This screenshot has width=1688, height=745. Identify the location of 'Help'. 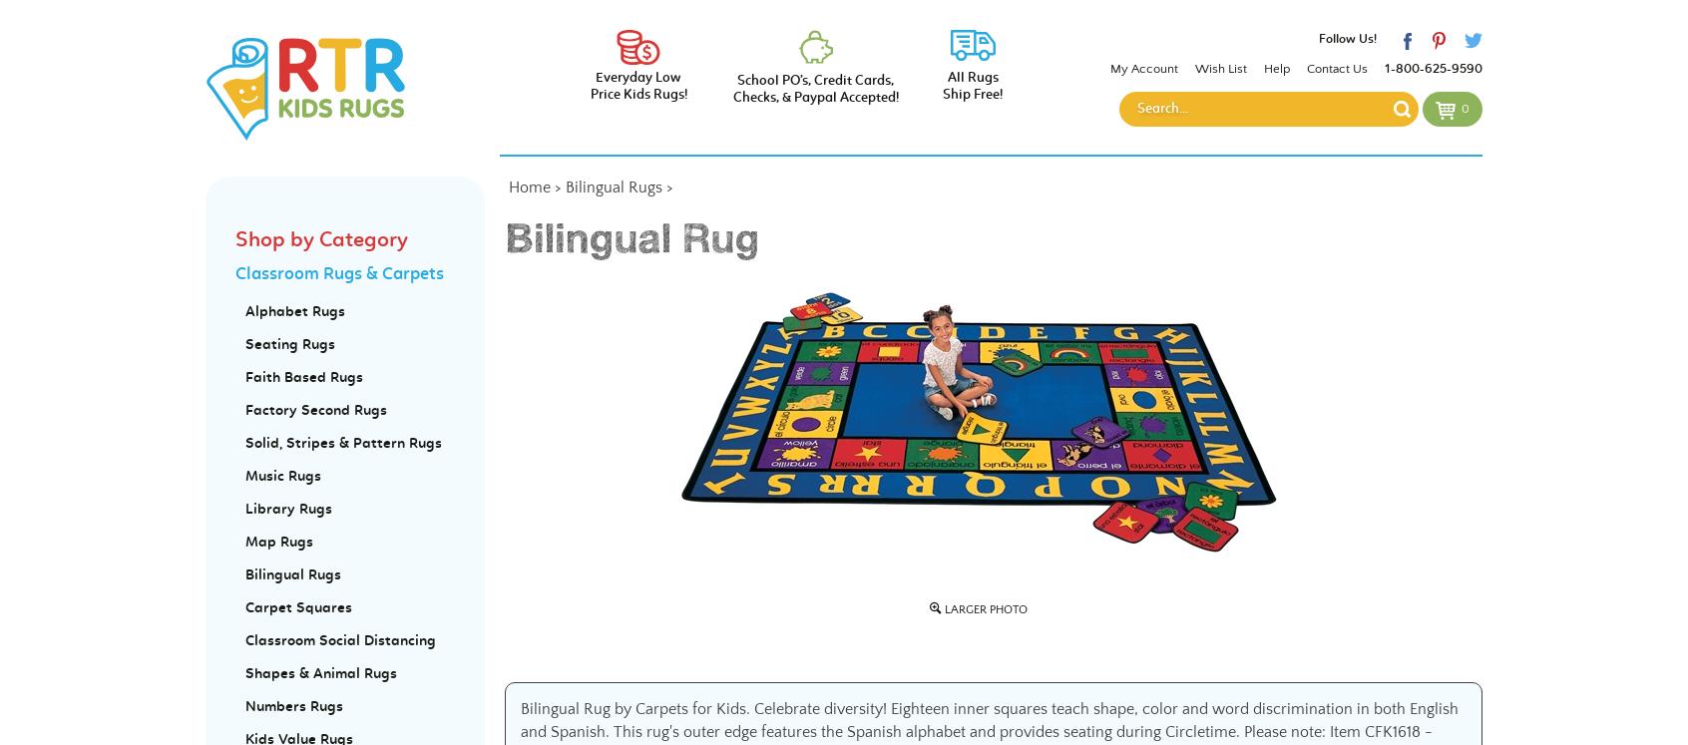
(1274, 66).